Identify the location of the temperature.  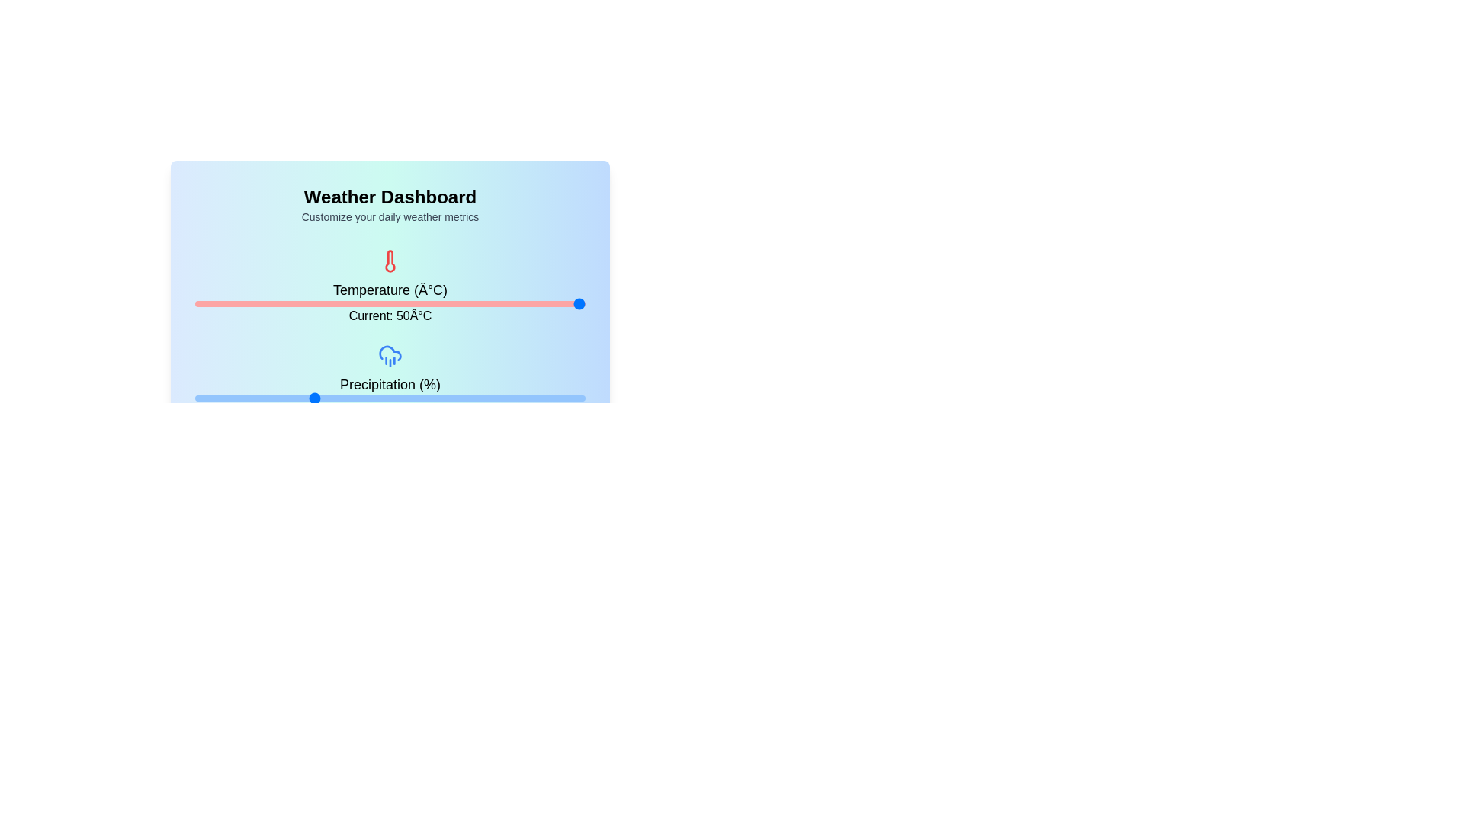
(306, 303).